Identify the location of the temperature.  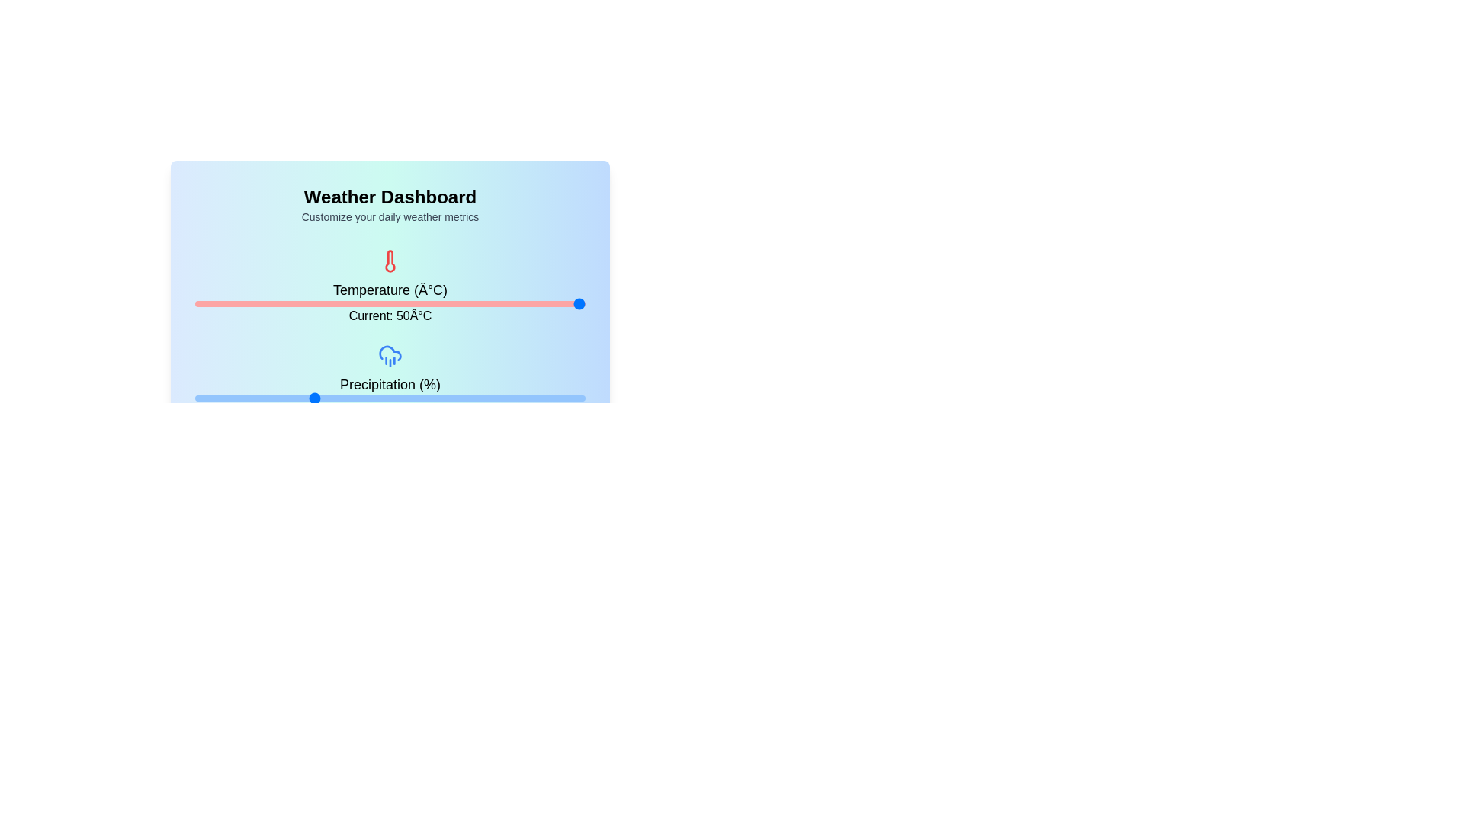
(306, 303).